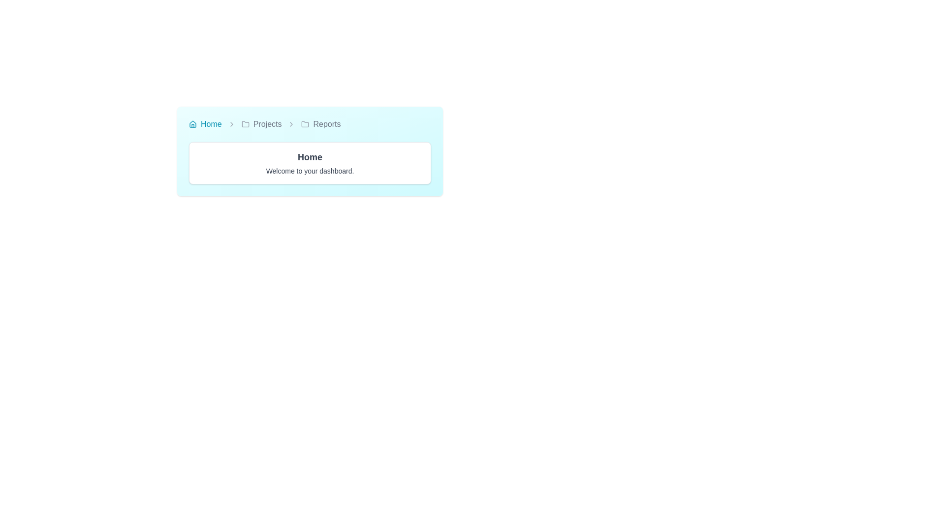 The width and height of the screenshot is (945, 531). I want to click on the 'Projects' breadcrumb link, so click(261, 124).